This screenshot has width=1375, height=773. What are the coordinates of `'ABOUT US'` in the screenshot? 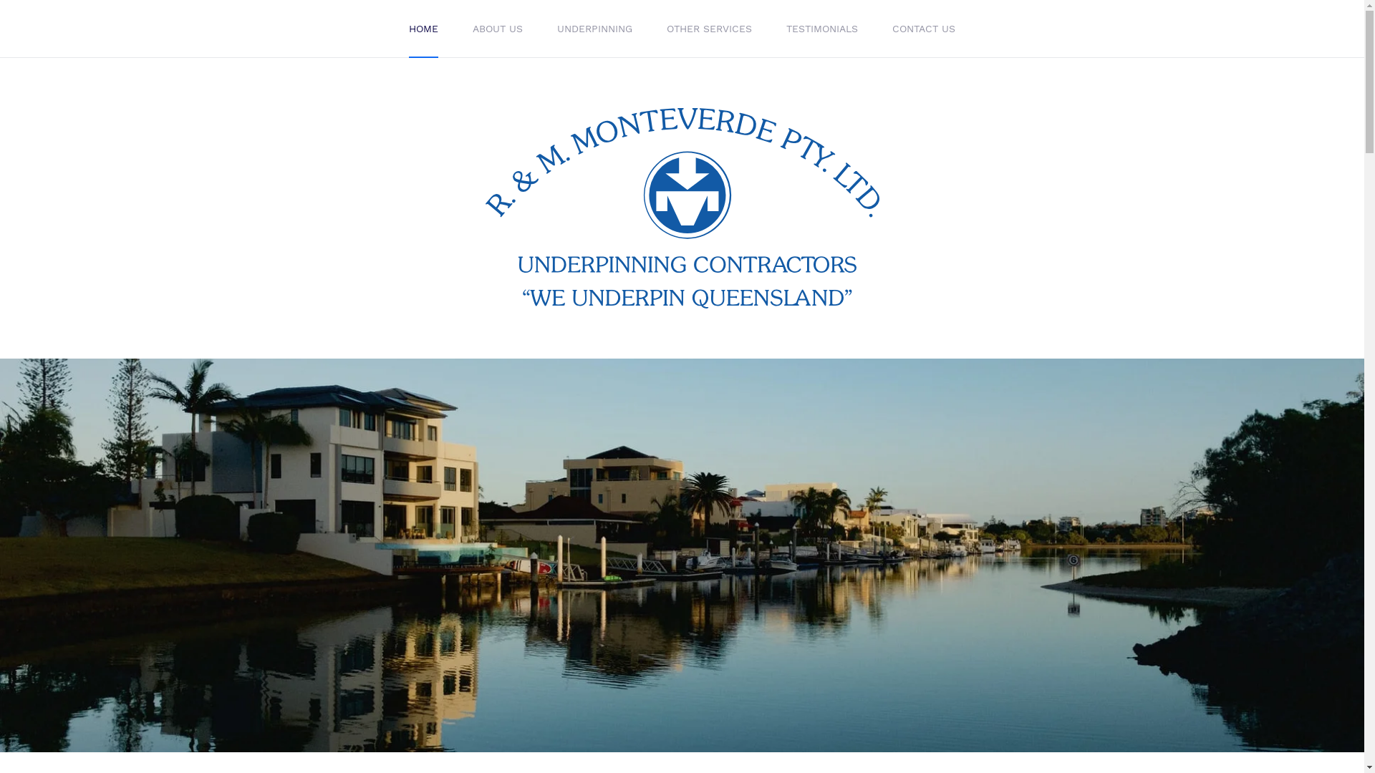 It's located at (498, 28).